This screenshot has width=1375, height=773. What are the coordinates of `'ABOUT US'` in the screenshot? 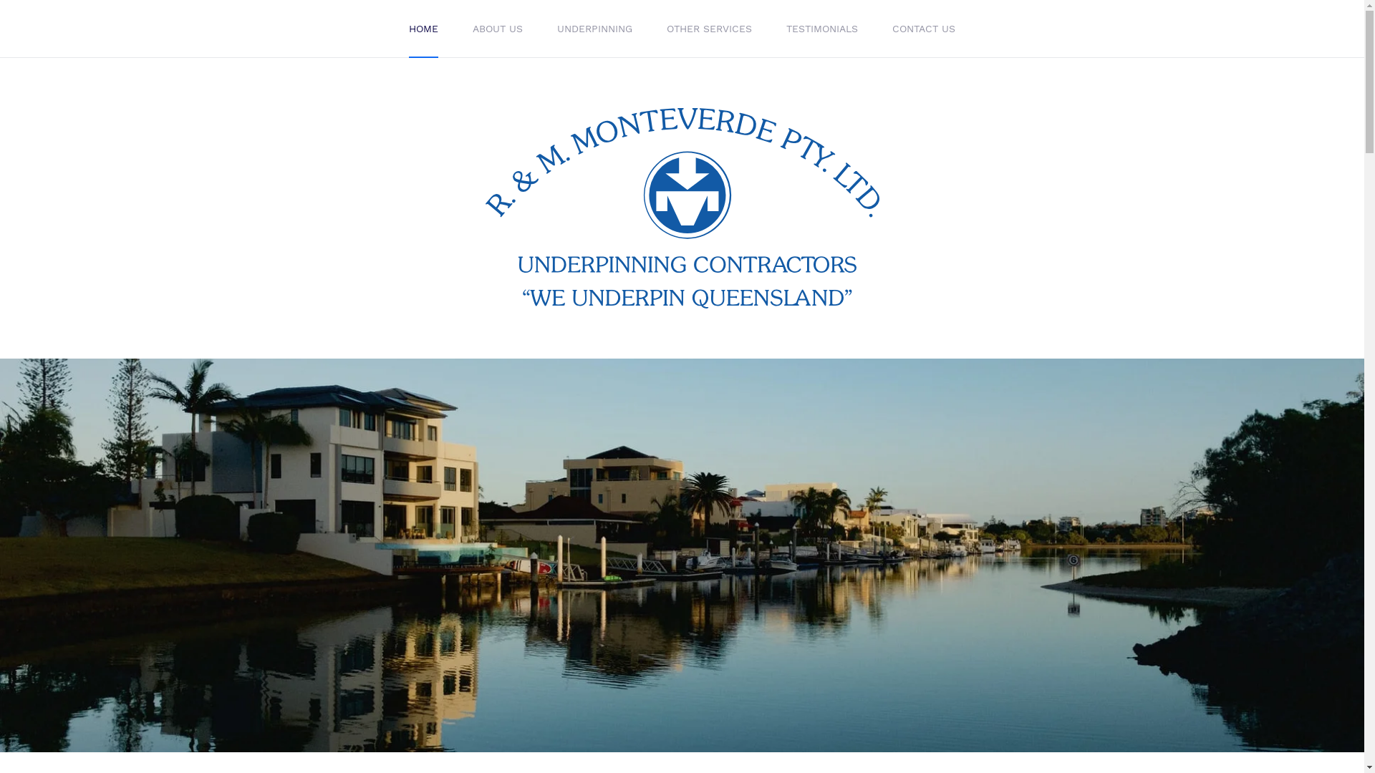 It's located at (498, 28).